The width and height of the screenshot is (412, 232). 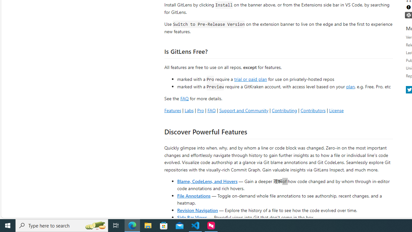 What do you see at coordinates (173, 110) in the screenshot?
I see `'Features'` at bounding box center [173, 110].